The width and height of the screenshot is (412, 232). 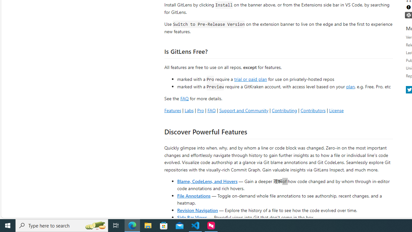 What do you see at coordinates (173, 110) in the screenshot?
I see `'Features'` at bounding box center [173, 110].